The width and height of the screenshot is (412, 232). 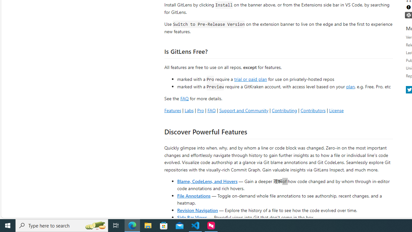 What do you see at coordinates (173, 110) in the screenshot?
I see `'Features'` at bounding box center [173, 110].